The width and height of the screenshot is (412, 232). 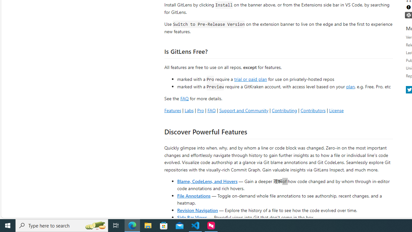 What do you see at coordinates (173, 110) in the screenshot?
I see `'Features'` at bounding box center [173, 110].